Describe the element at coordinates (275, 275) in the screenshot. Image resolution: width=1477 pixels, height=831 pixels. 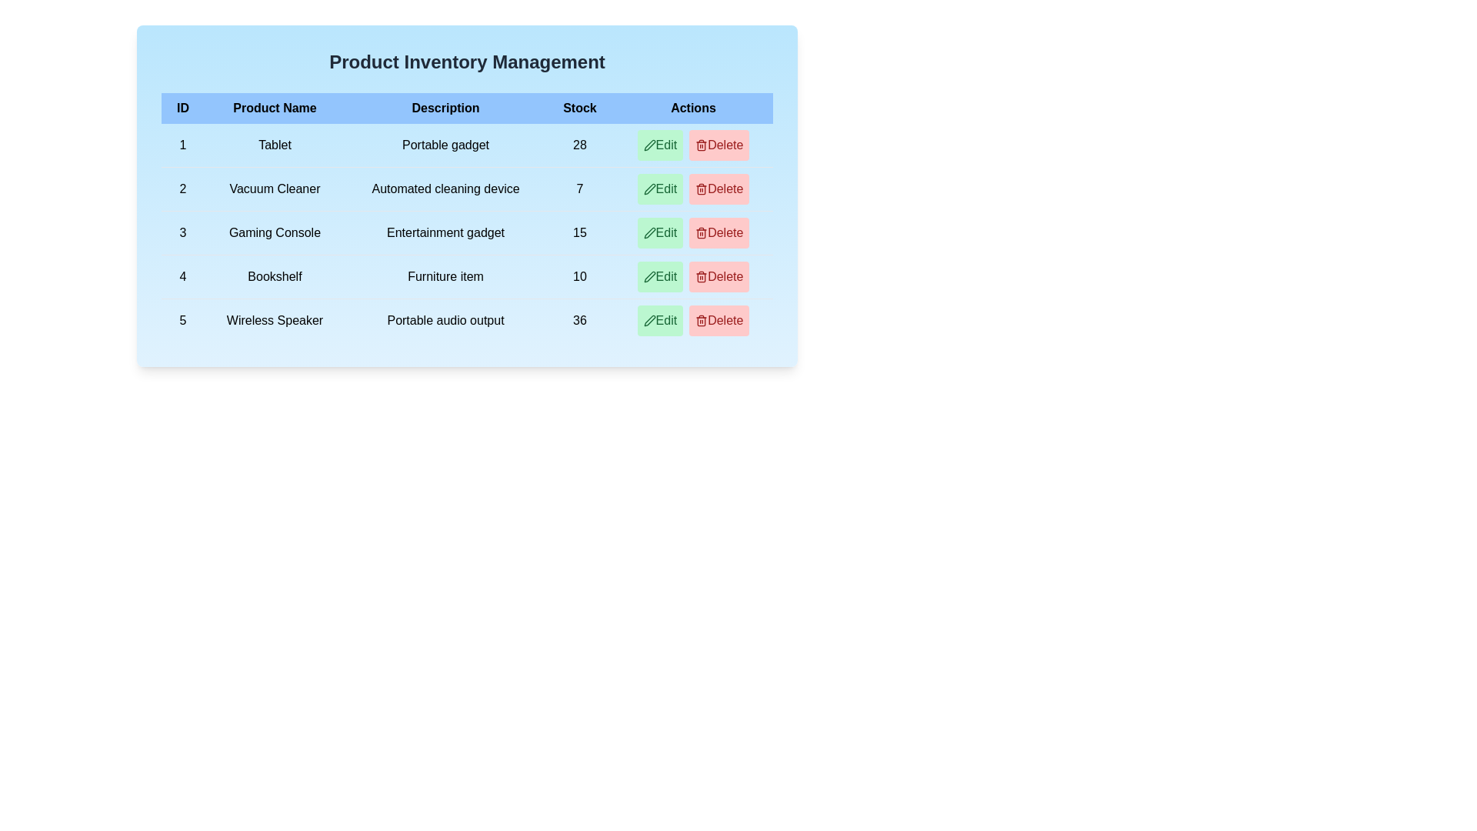
I see `the Text Label element displaying 'Bookshelf', which is located in the second column of the fourth row of a product table` at that location.